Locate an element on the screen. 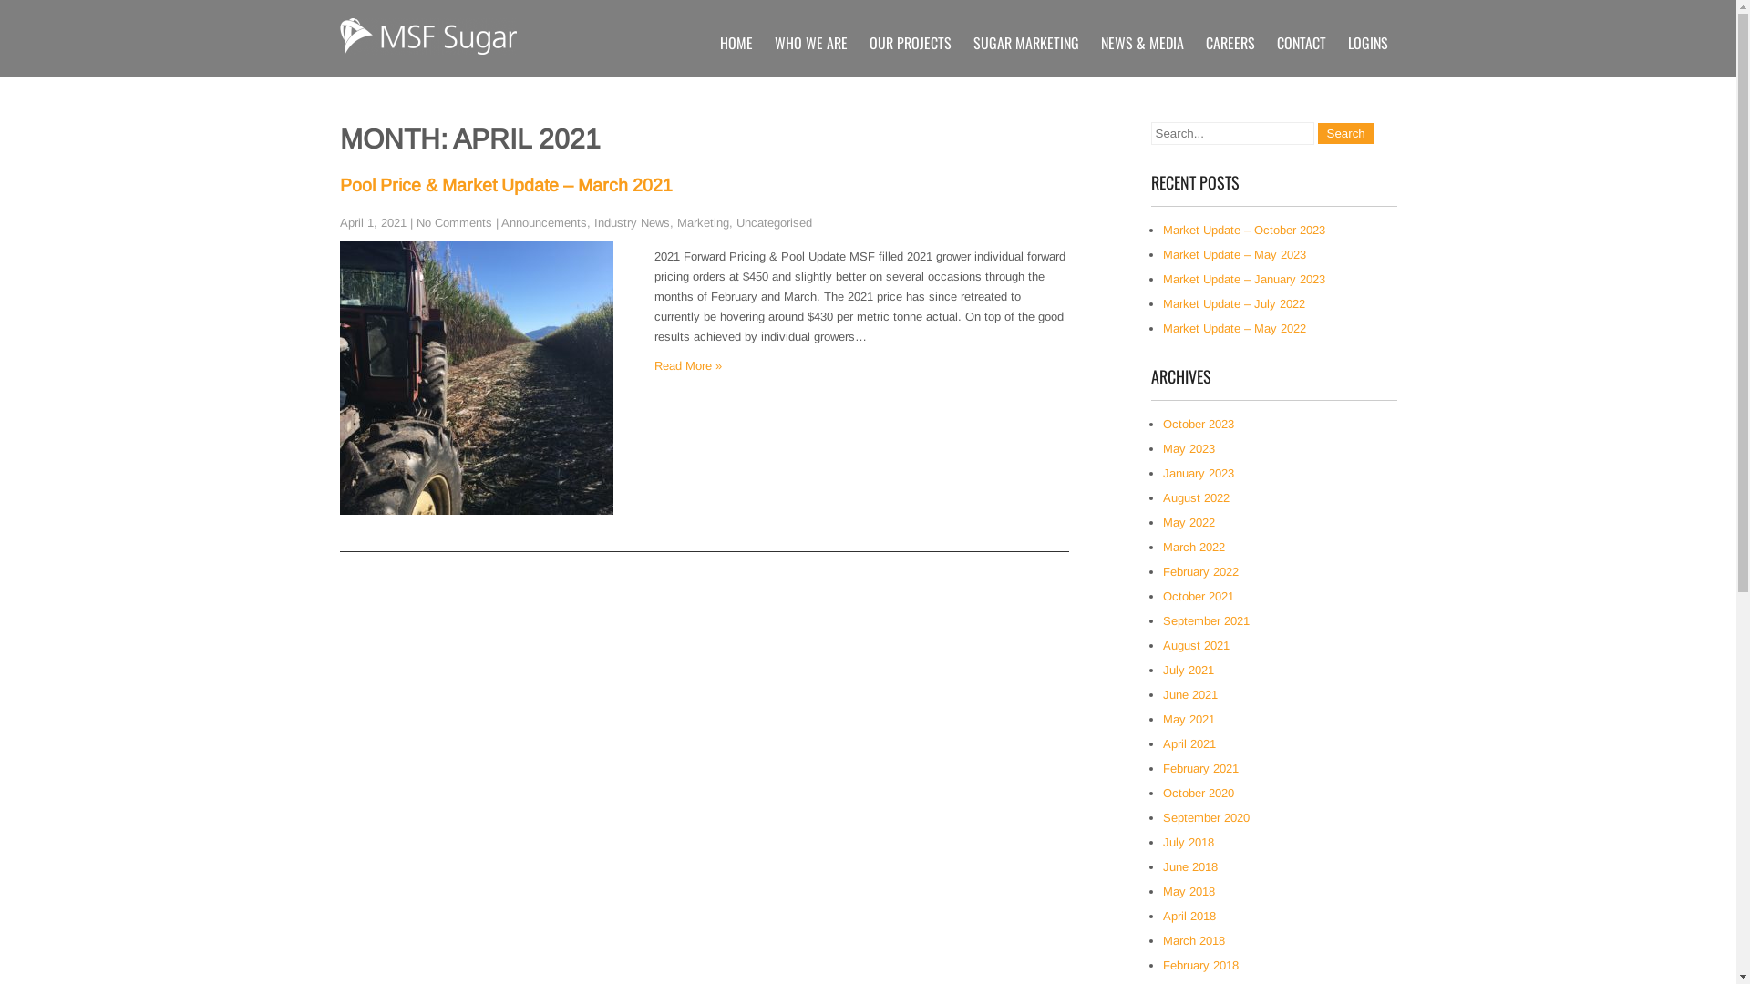 This screenshot has width=1750, height=984. 'April 2021' is located at coordinates (1189, 743).